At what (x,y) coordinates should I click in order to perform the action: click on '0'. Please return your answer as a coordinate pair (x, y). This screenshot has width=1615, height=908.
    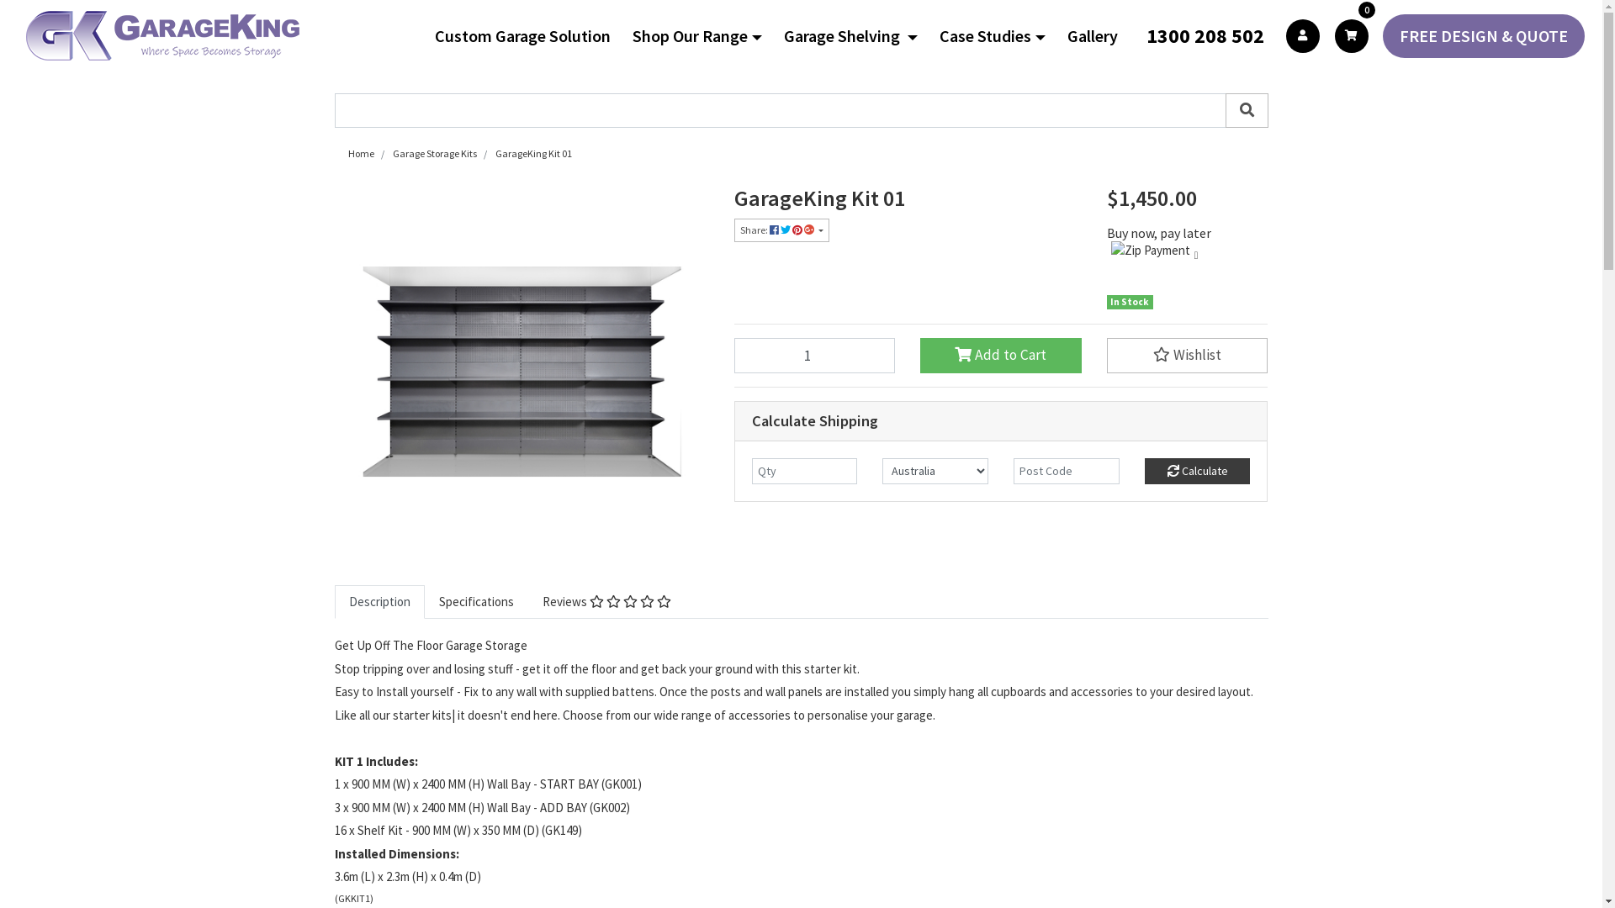
    Looking at the image, I should click on (1352, 35).